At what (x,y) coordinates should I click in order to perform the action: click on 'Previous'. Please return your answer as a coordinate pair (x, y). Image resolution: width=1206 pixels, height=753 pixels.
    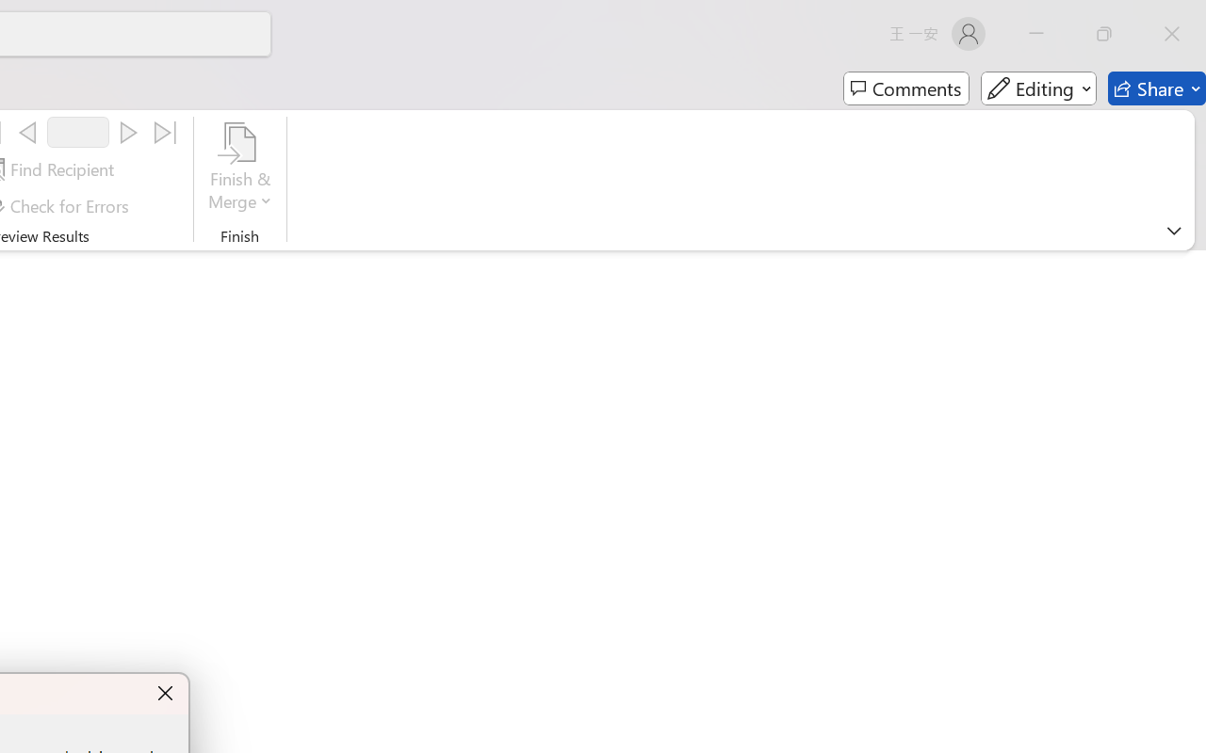
    Looking at the image, I should click on (27, 133).